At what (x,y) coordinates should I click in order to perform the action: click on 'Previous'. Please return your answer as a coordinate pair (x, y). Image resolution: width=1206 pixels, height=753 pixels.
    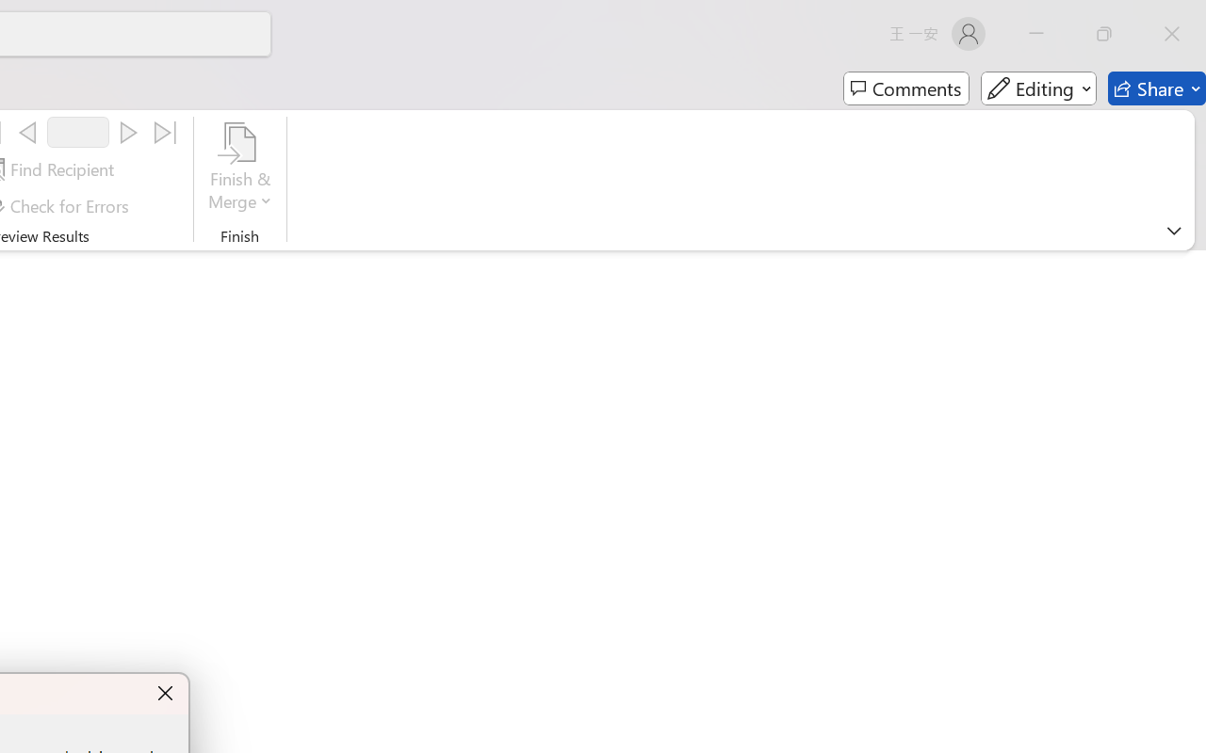
    Looking at the image, I should click on (27, 133).